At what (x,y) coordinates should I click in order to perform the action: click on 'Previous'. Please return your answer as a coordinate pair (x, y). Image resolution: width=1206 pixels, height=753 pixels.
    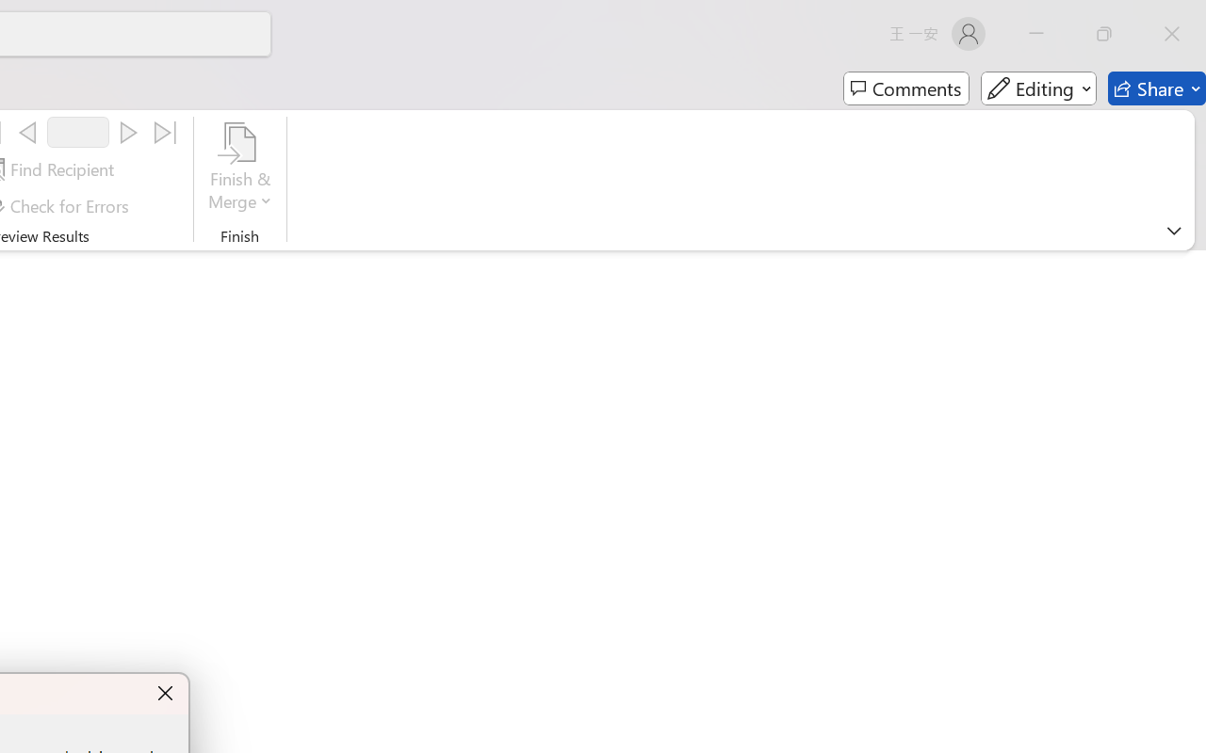
    Looking at the image, I should click on (27, 133).